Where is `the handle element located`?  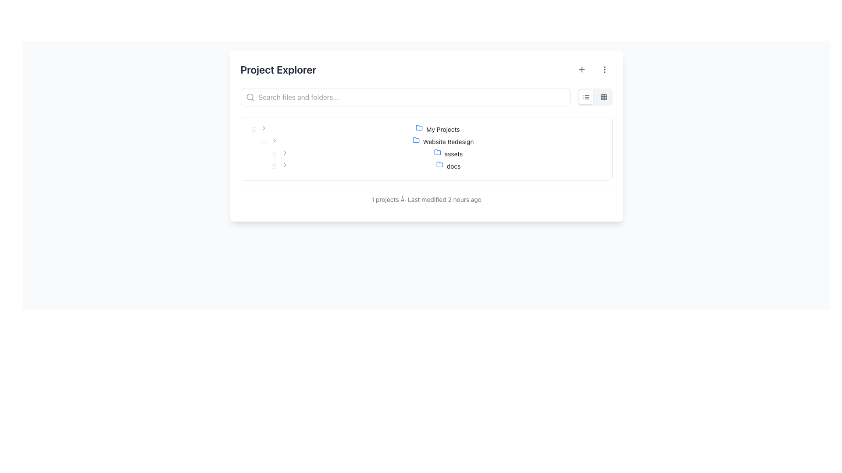
the handle element located is located at coordinates (263, 141).